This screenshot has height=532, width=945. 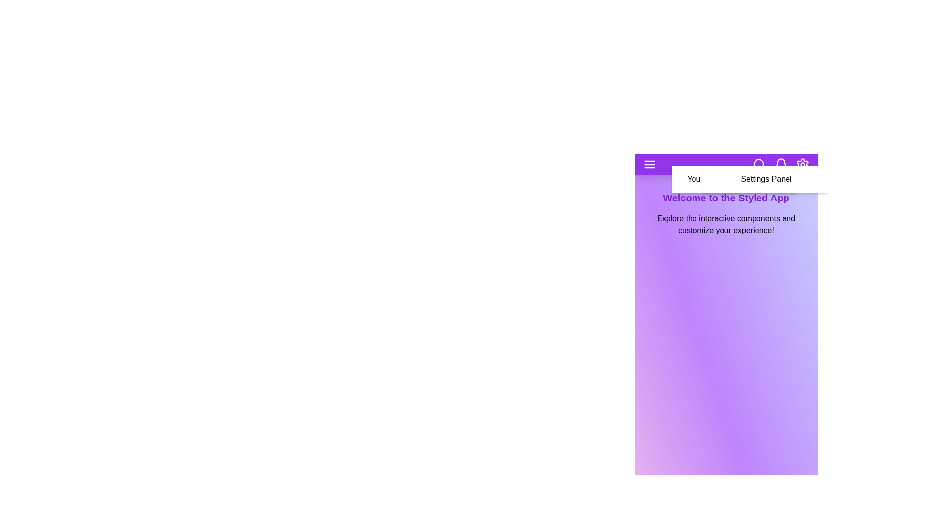 What do you see at coordinates (650, 164) in the screenshot?
I see `the menu icon to toggle the side menu` at bounding box center [650, 164].